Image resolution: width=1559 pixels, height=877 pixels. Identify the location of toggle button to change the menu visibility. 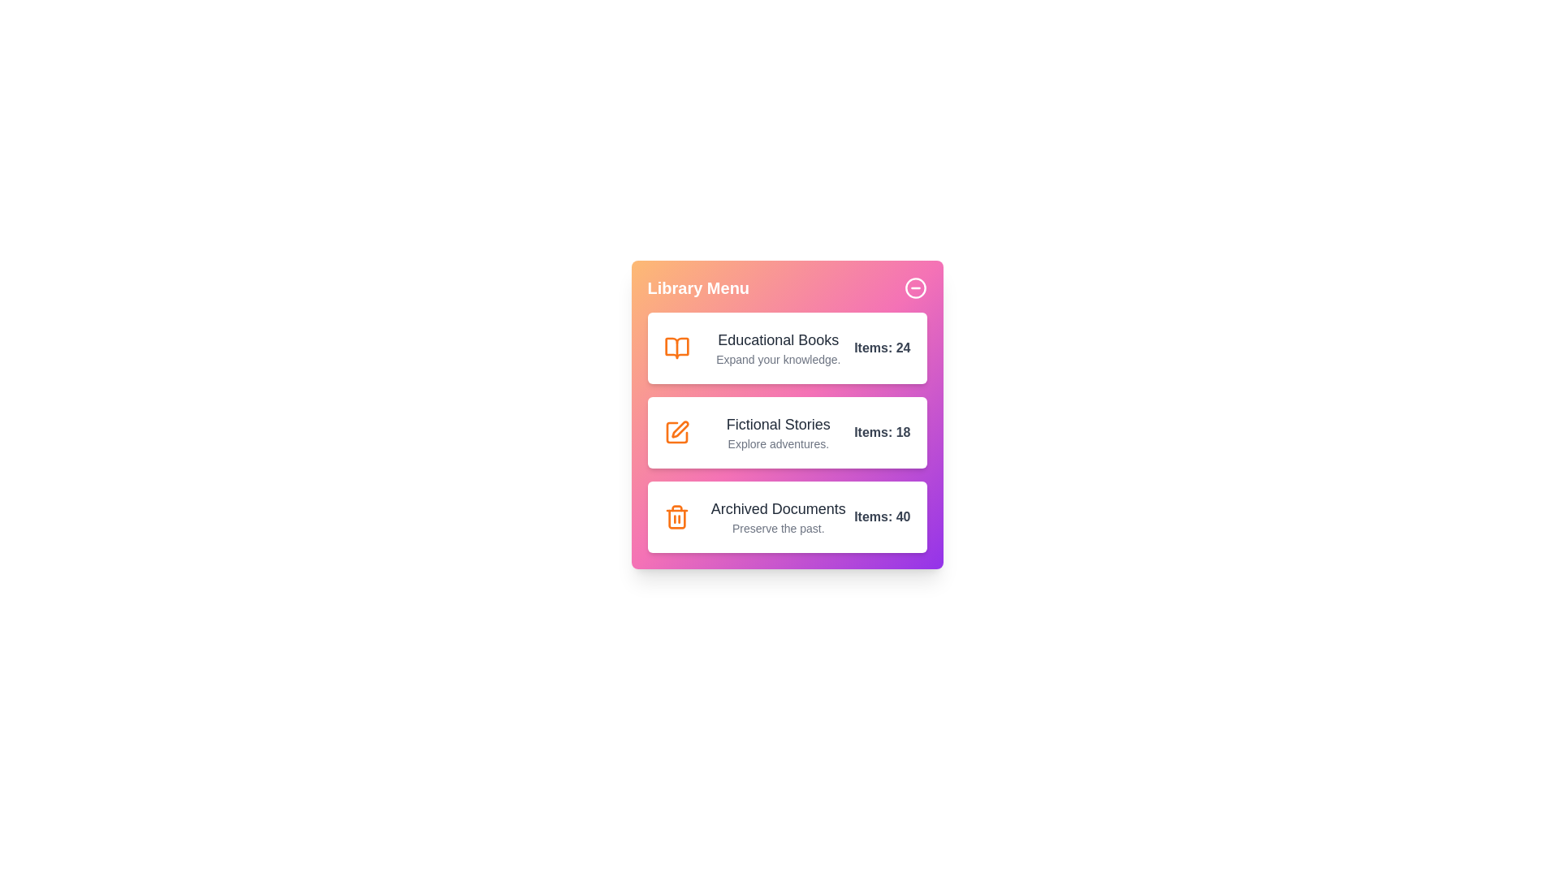
(915, 287).